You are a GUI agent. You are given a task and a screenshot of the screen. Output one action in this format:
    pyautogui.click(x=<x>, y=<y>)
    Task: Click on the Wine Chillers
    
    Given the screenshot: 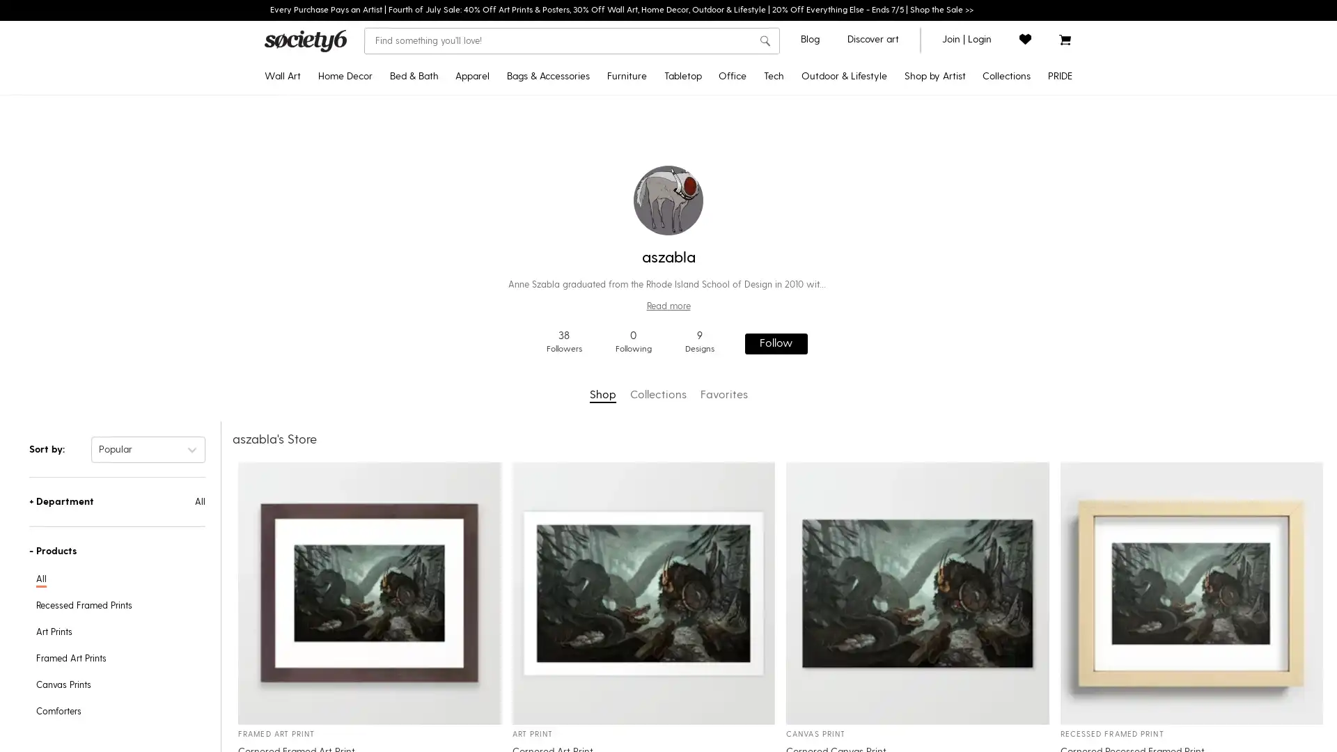 What is the action you would take?
    pyautogui.click(x=708, y=268)
    